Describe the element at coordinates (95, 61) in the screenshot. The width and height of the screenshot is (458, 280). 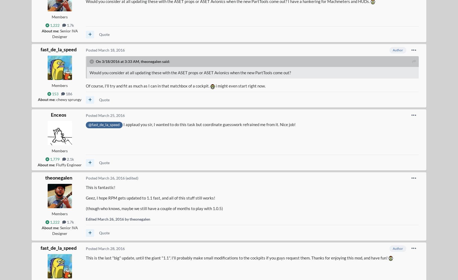
I see `'On 3/18/2016 at 3:33 AM,'` at that location.